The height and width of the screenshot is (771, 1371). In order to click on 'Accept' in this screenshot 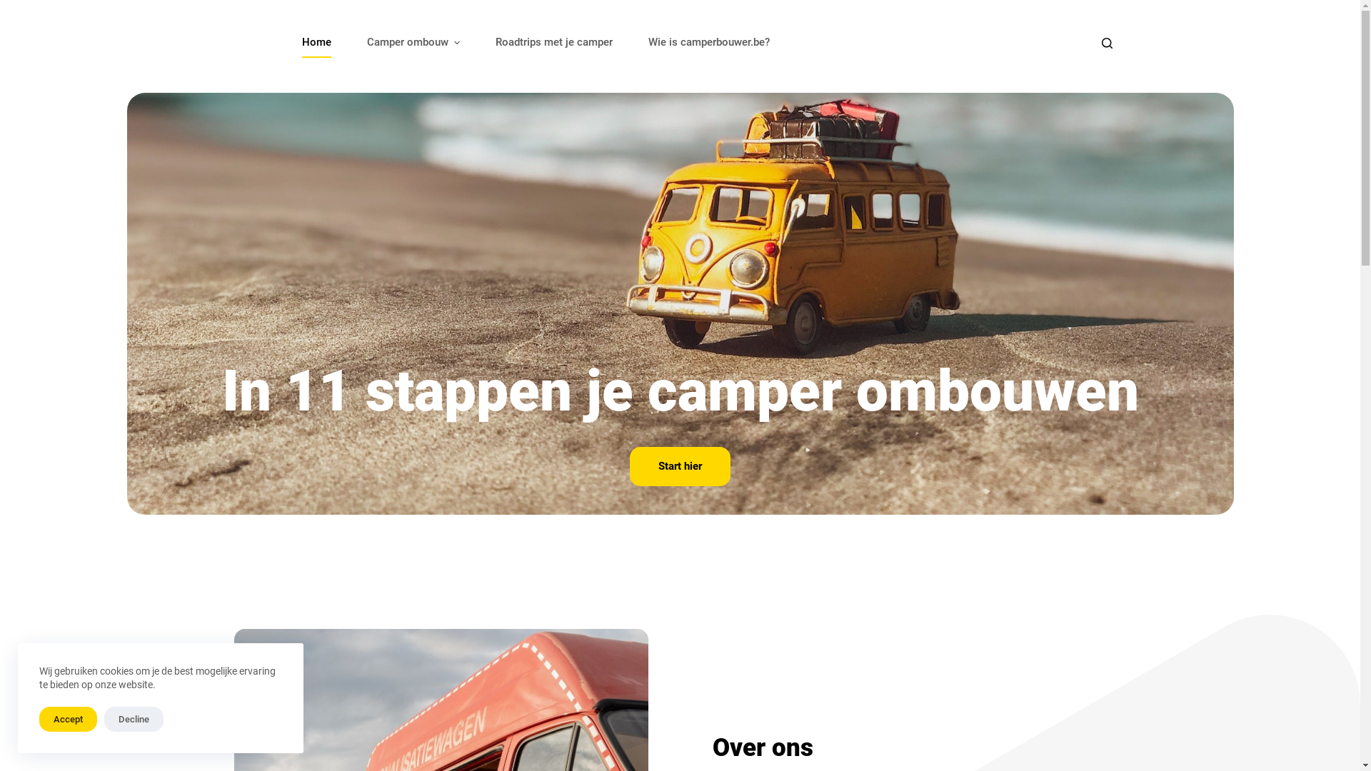, I will do `click(67, 719)`.